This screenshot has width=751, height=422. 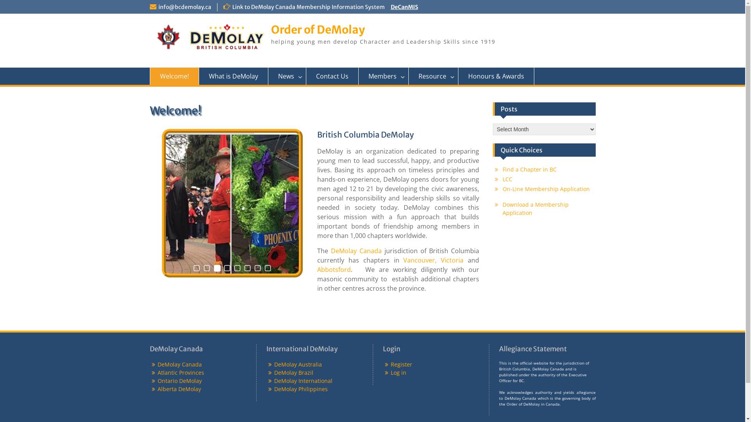 I want to click on 'Atlantic Provinces', so click(x=180, y=372).